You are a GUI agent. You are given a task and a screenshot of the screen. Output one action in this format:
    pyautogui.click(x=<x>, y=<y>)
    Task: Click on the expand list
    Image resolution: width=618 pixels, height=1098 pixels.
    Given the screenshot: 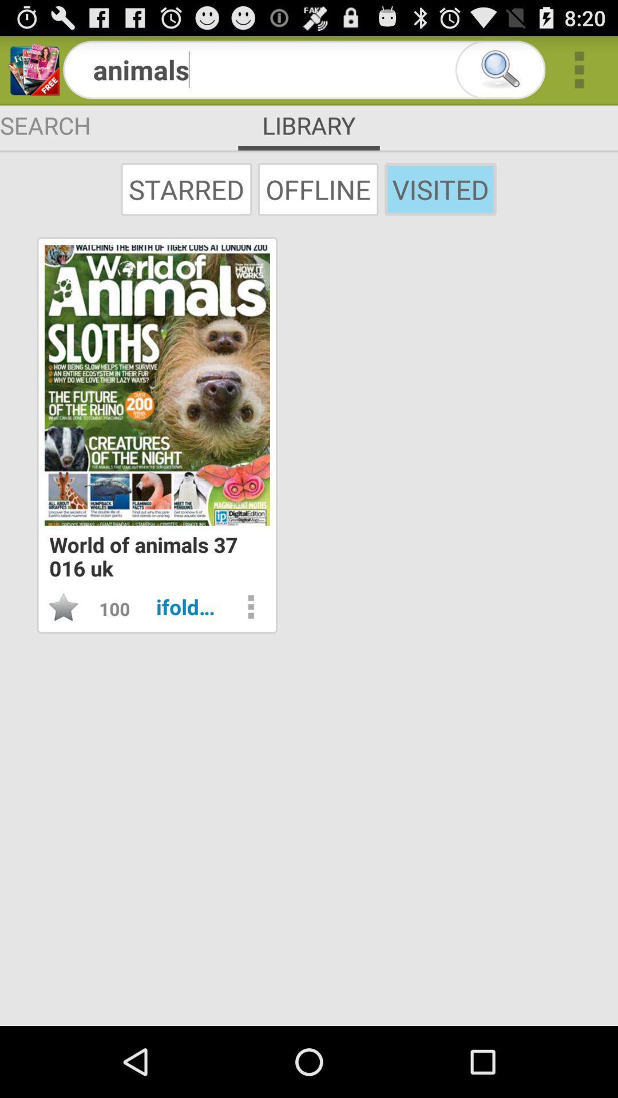 What is the action you would take?
    pyautogui.click(x=579, y=69)
    